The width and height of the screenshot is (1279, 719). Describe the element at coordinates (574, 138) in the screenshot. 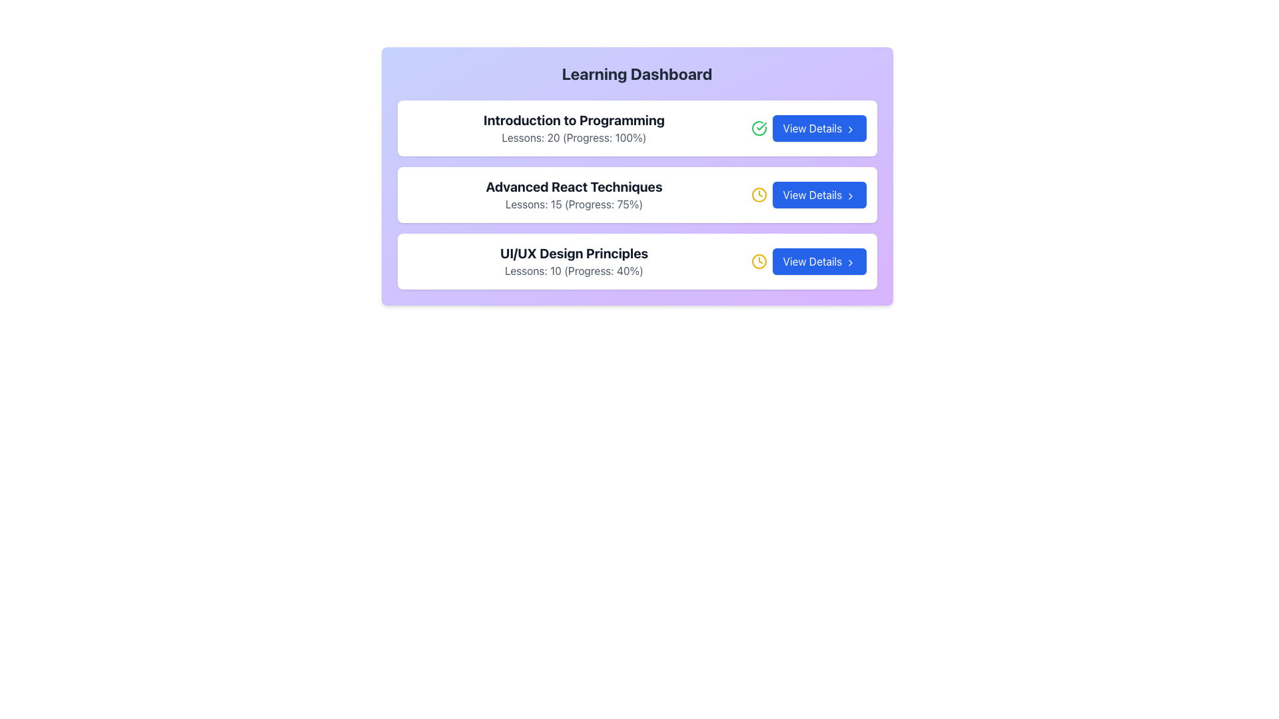

I see `the static text label that displays the number of lessons and progress percentage, located directly below the 'Introduction to Programming' header in the 'Learning Dashboard'` at that location.